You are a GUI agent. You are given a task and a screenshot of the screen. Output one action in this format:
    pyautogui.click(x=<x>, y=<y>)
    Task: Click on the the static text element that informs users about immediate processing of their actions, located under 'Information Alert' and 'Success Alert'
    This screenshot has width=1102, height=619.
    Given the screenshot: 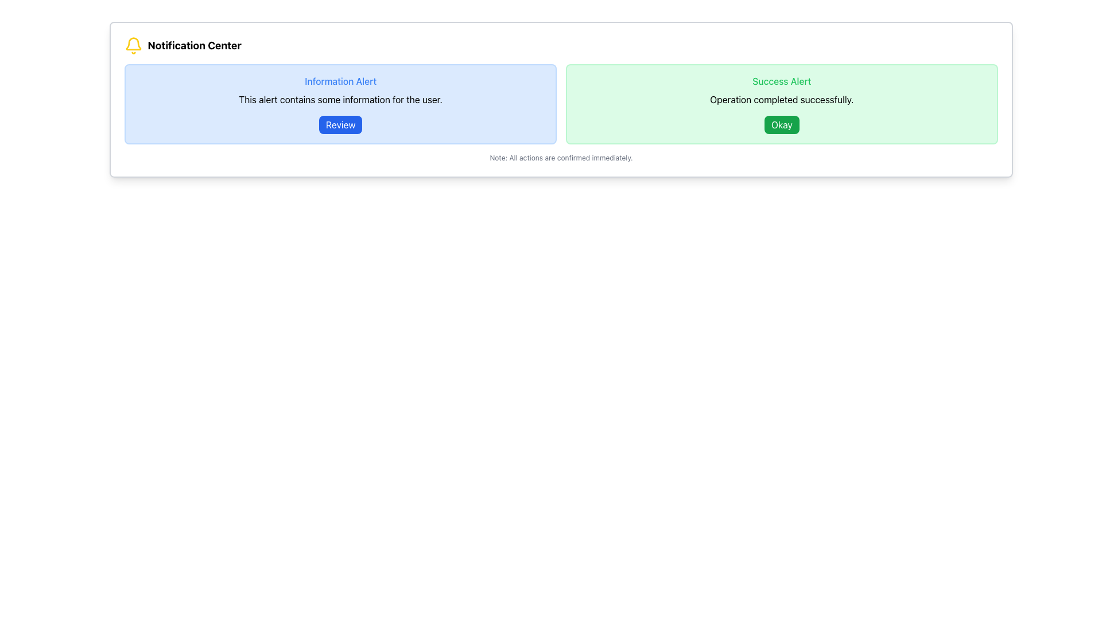 What is the action you would take?
    pyautogui.click(x=561, y=158)
    